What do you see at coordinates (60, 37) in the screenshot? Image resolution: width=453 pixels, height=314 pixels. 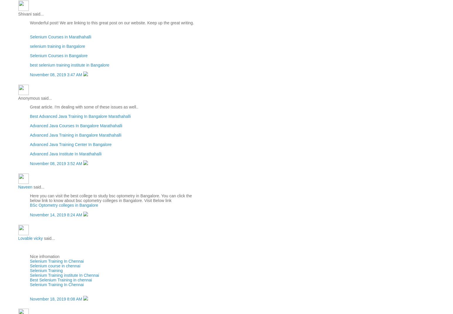 I see `'Selenium Courses in Marathahalli'` at bounding box center [60, 37].